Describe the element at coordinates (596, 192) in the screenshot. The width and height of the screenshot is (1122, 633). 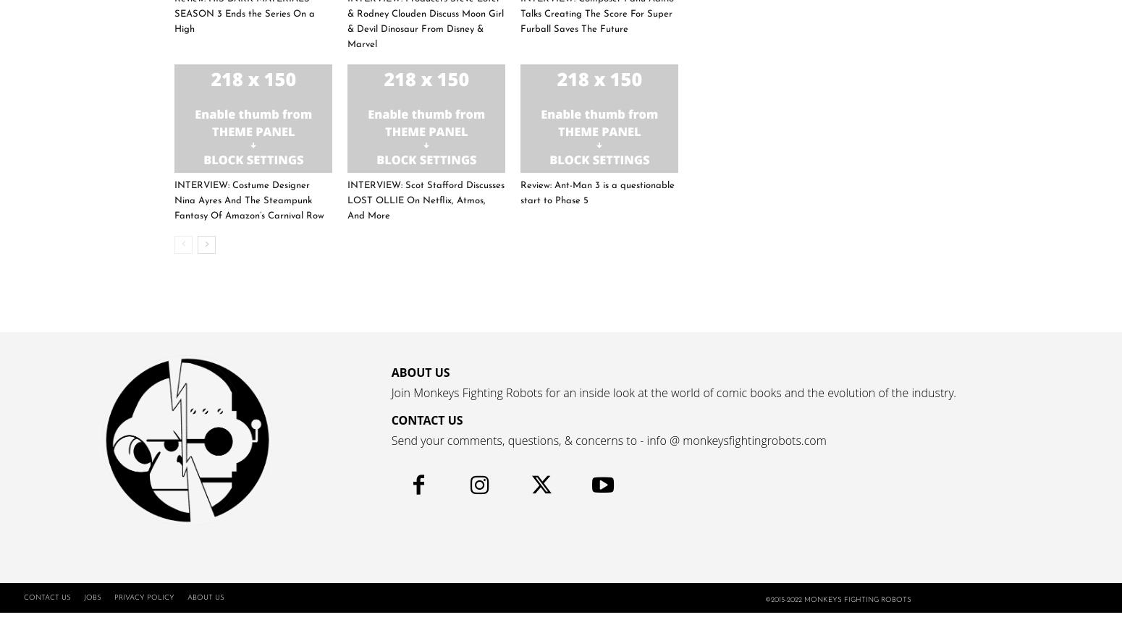
I see `'Review: Ant-Man 3 is a questionable start to Phase 5'` at that location.